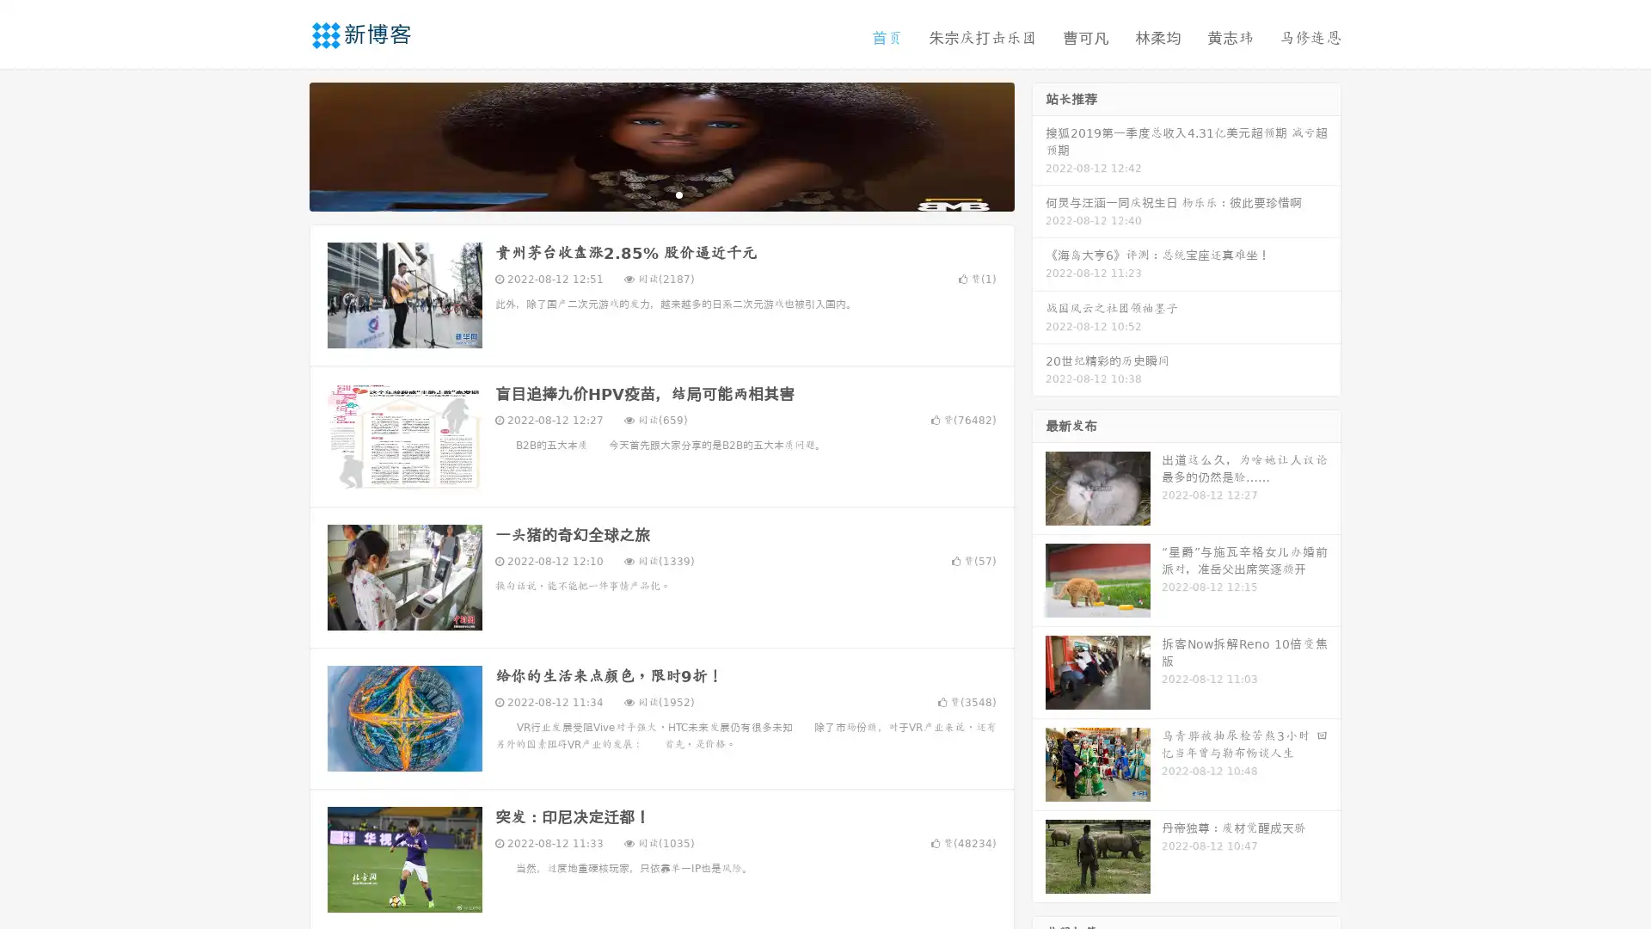 This screenshot has height=929, width=1651. I want to click on Go to slide 3, so click(678, 194).